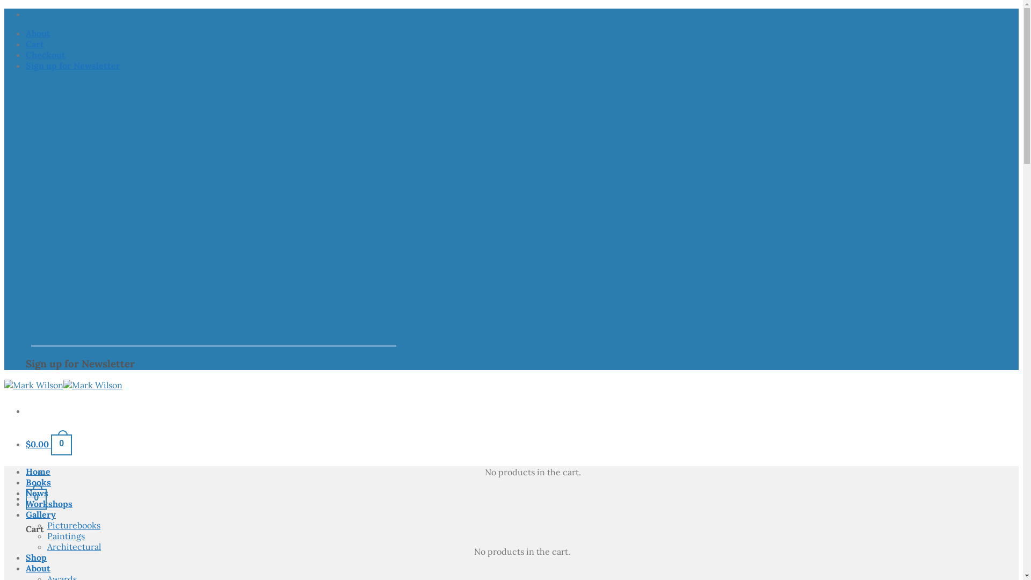  Describe the element at coordinates (45, 54) in the screenshot. I see `'Checkout'` at that location.